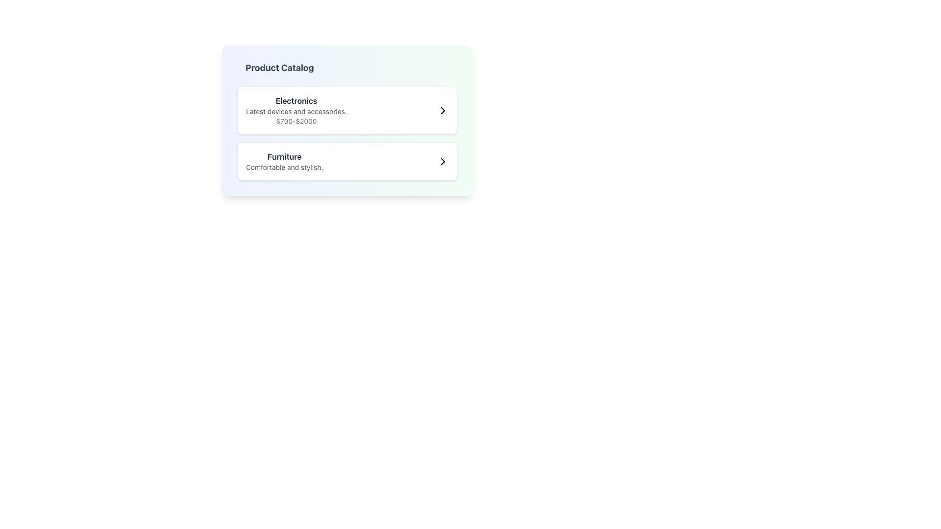 The height and width of the screenshot is (529, 941). What do you see at coordinates (284, 167) in the screenshot?
I see `the text element that reads 'Comfortable and stylish', which is styled in a smaller gray font and positioned directly below the 'Furniture' title` at bounding box center [284, 167].